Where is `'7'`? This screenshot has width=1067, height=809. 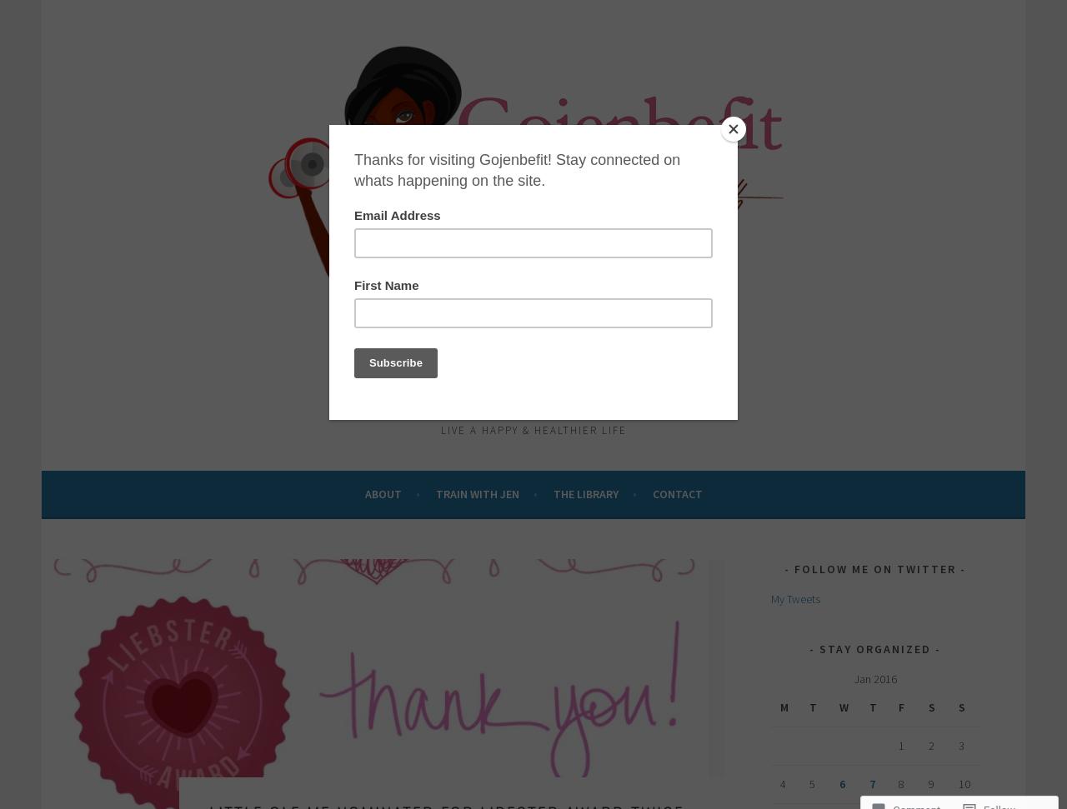
'7' is located at coordinates (870, 782).